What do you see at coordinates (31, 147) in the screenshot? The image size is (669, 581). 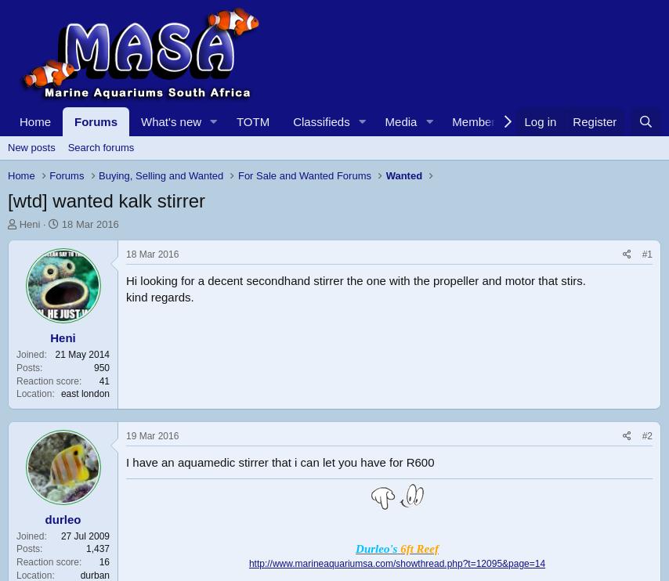 I see `'New posts'` at bounding box center [31, 147].